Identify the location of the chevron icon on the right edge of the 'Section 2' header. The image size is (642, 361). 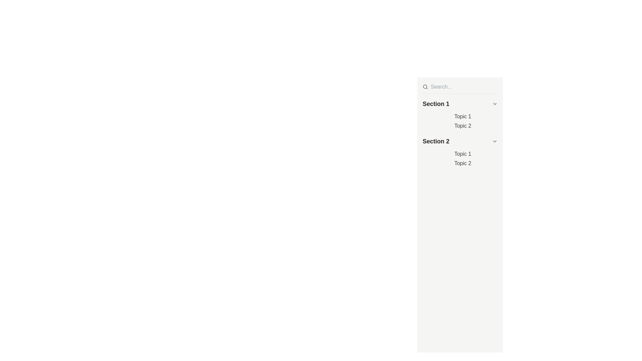
(495, 141).